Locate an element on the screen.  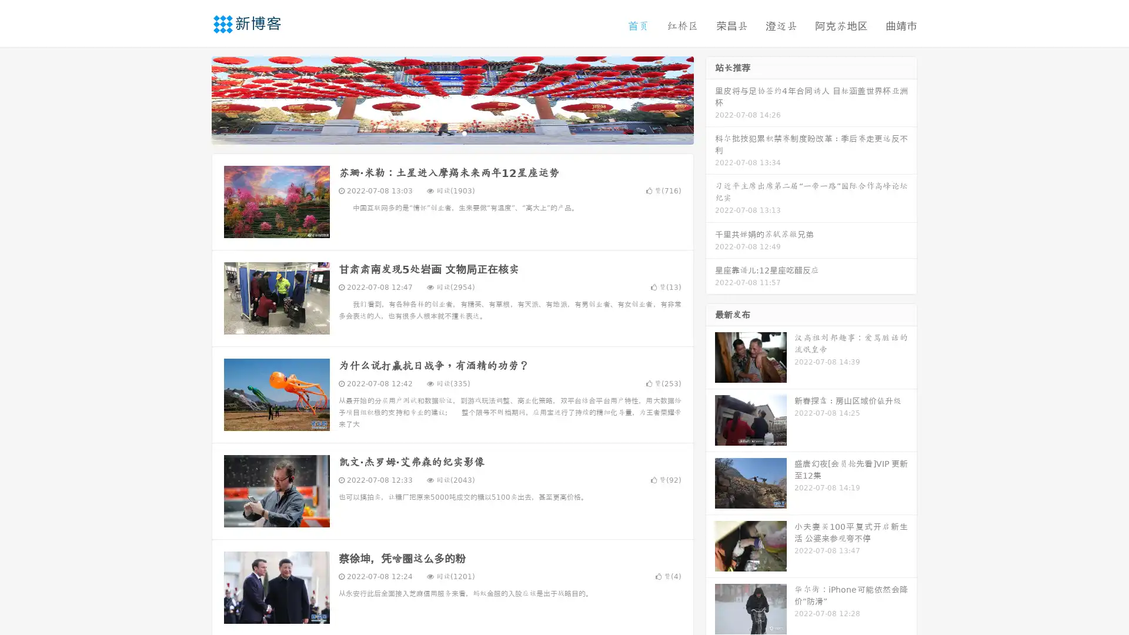
Go to slide 2 is located at coordinates (452, 132).